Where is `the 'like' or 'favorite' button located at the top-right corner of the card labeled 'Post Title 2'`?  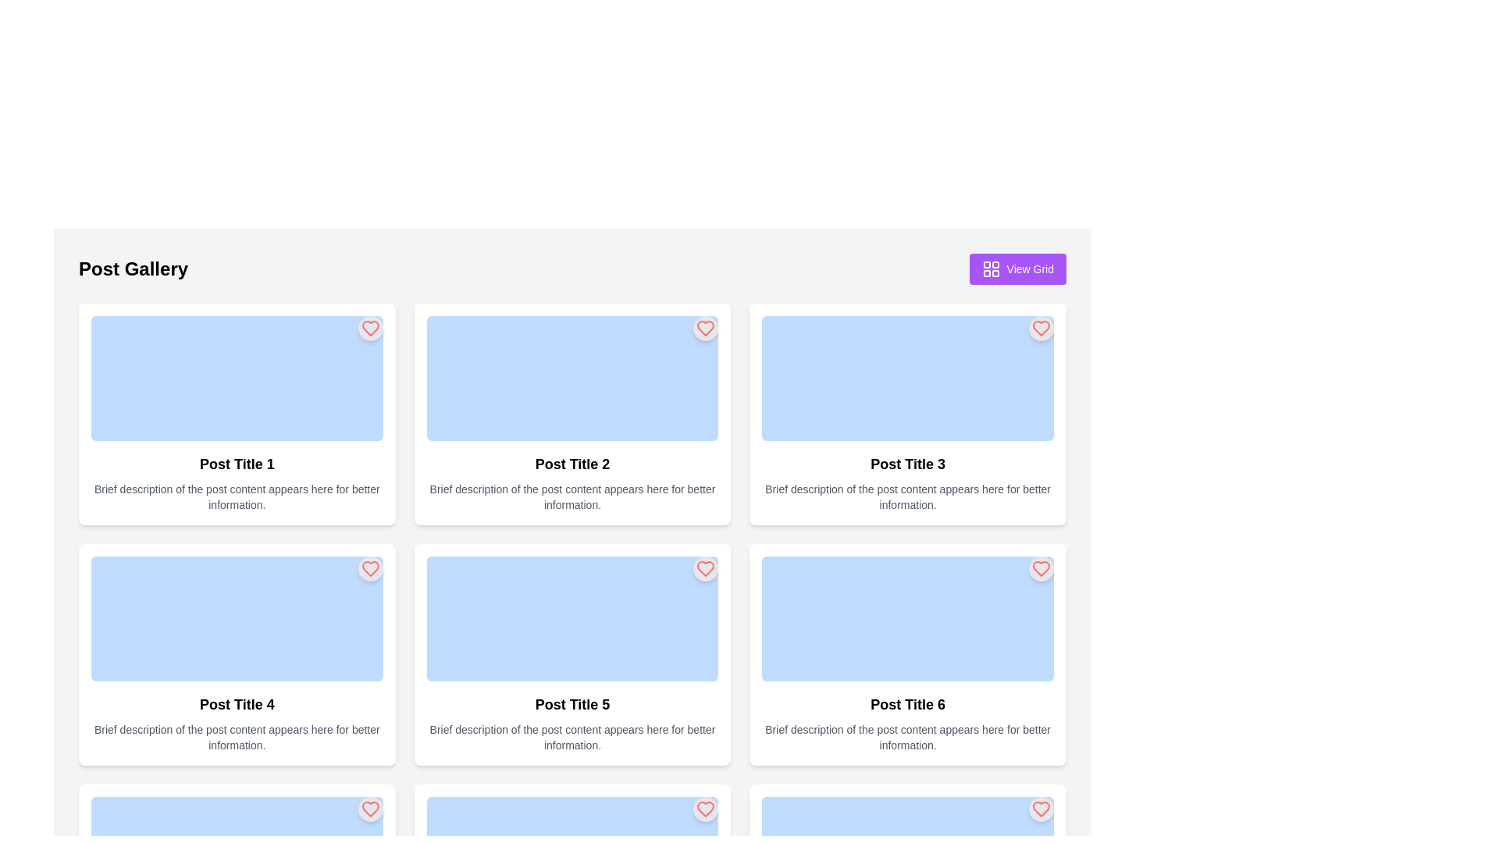
the 'like' or 'favorite' button located at the top-right corner of the card labeled 'Post Title 2' is located at coordinates (705, 327).